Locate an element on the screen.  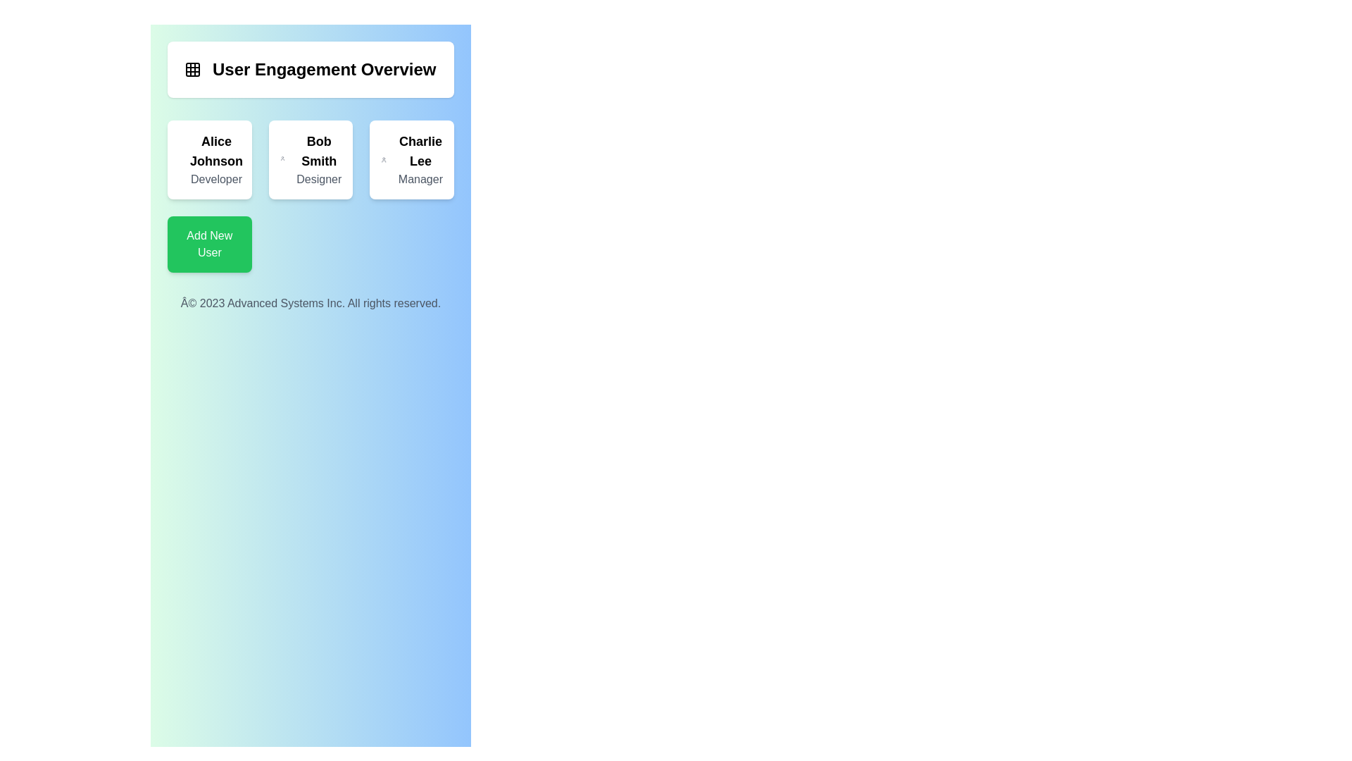
displayed text on the user profile card located in the center of the grid layout, which is the second card flanked by 'Alice Johnson, Developer' on the left and 'Charlie Lee, Manager' on the right is located at coordinates (310, 159).